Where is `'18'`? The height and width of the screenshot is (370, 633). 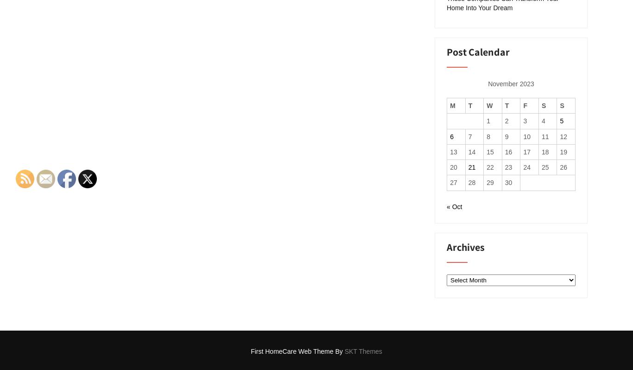
'18' is located at coordinates (544, 152).